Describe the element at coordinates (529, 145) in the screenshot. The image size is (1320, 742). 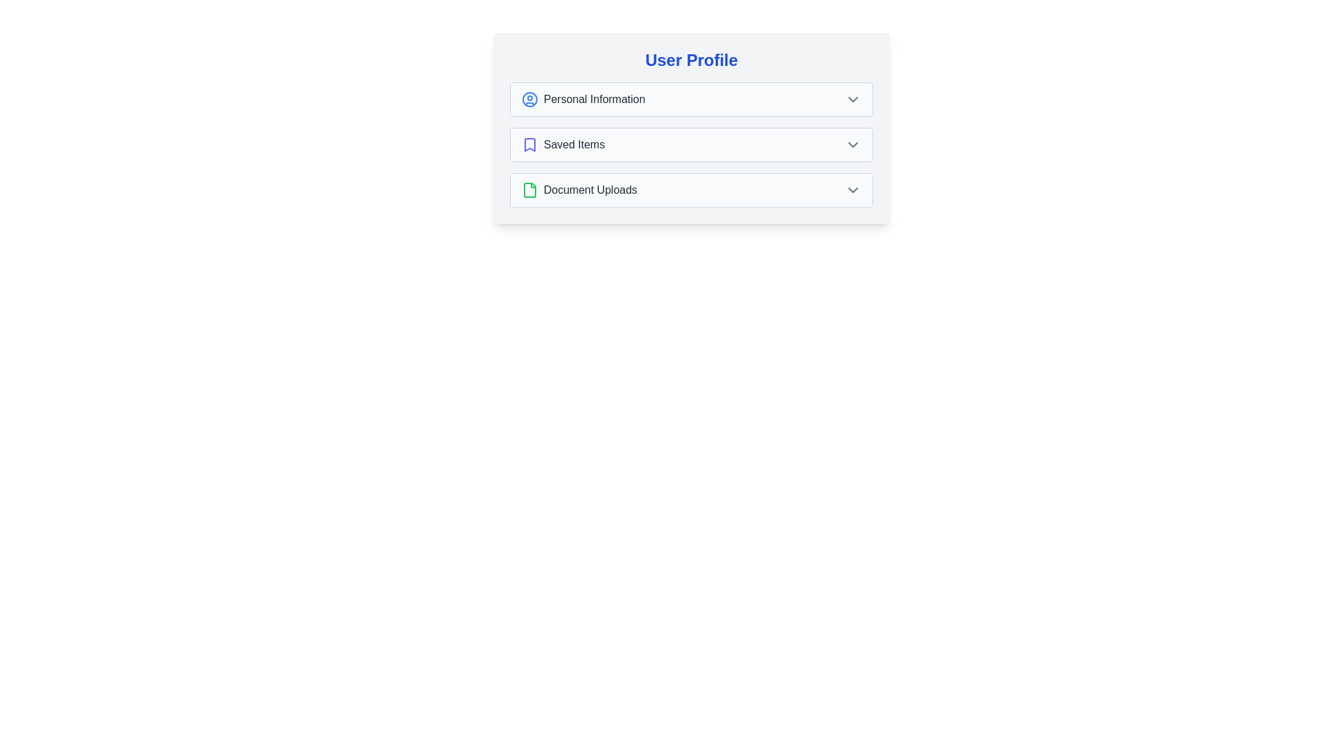
I see `the 'Saved Items' icon located in the second row of the 'User Profile' section` at that location.